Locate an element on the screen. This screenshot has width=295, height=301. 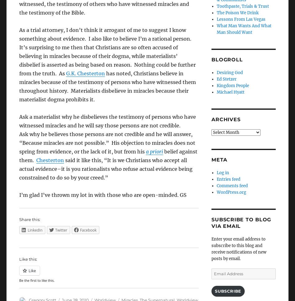
'a priori' is located at coordinates (154, 151).